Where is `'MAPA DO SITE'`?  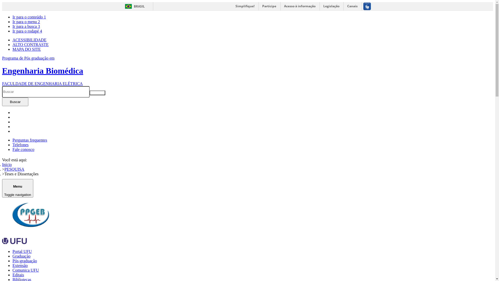
'MAPA DO SITE' is located at coordinates (26, 49).